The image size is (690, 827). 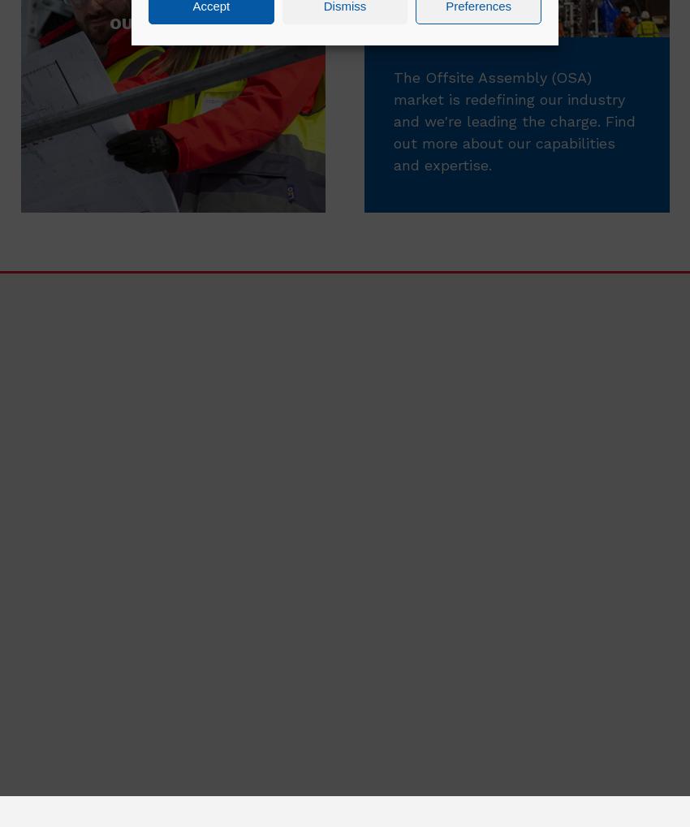 I want to click on 'Explore', so click(x=573, y=321).